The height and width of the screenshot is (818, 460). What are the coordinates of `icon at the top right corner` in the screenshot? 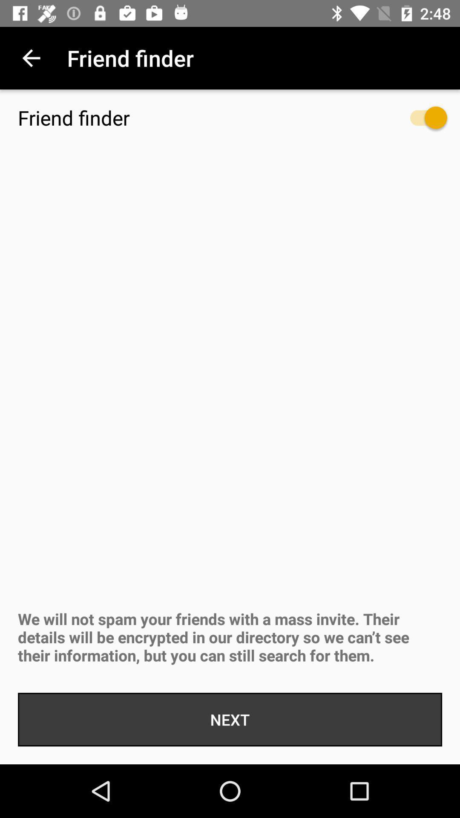 It's located at (420, 121).